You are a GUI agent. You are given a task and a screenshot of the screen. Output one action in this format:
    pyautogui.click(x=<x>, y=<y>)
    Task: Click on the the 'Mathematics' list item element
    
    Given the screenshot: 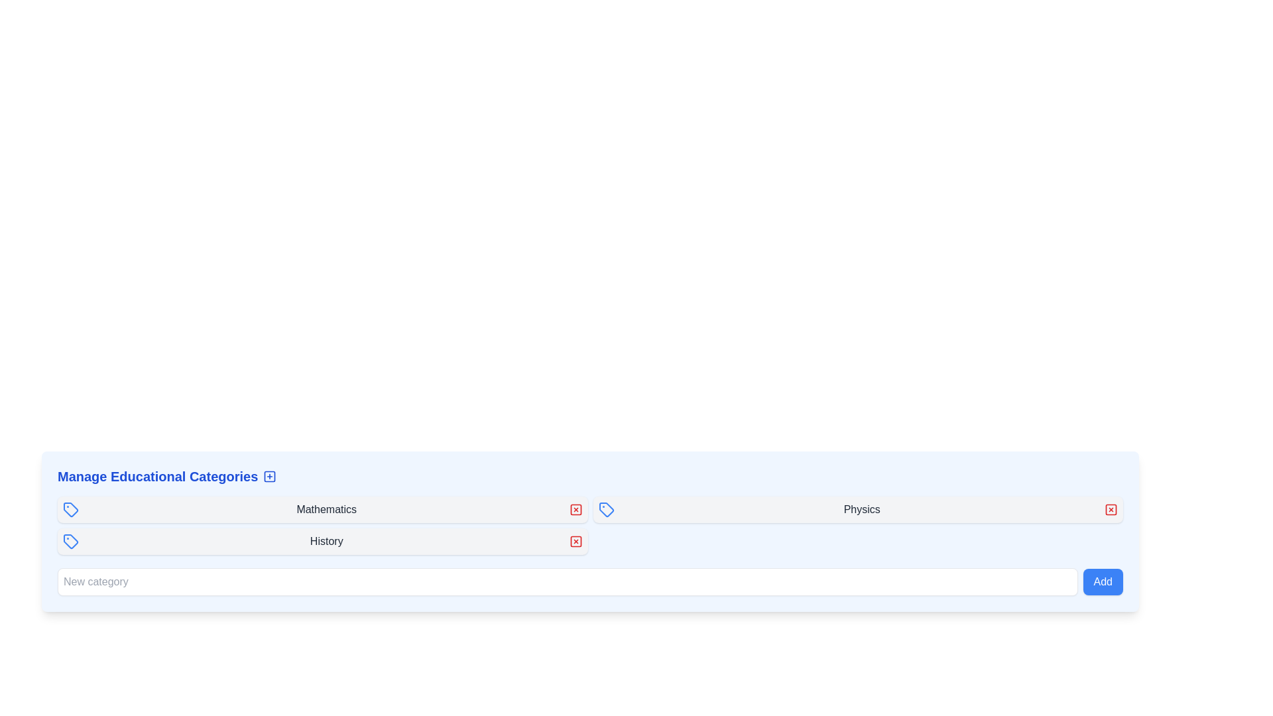 What is the action you would take?
    pyautogui.click(x=322, y=508)
    